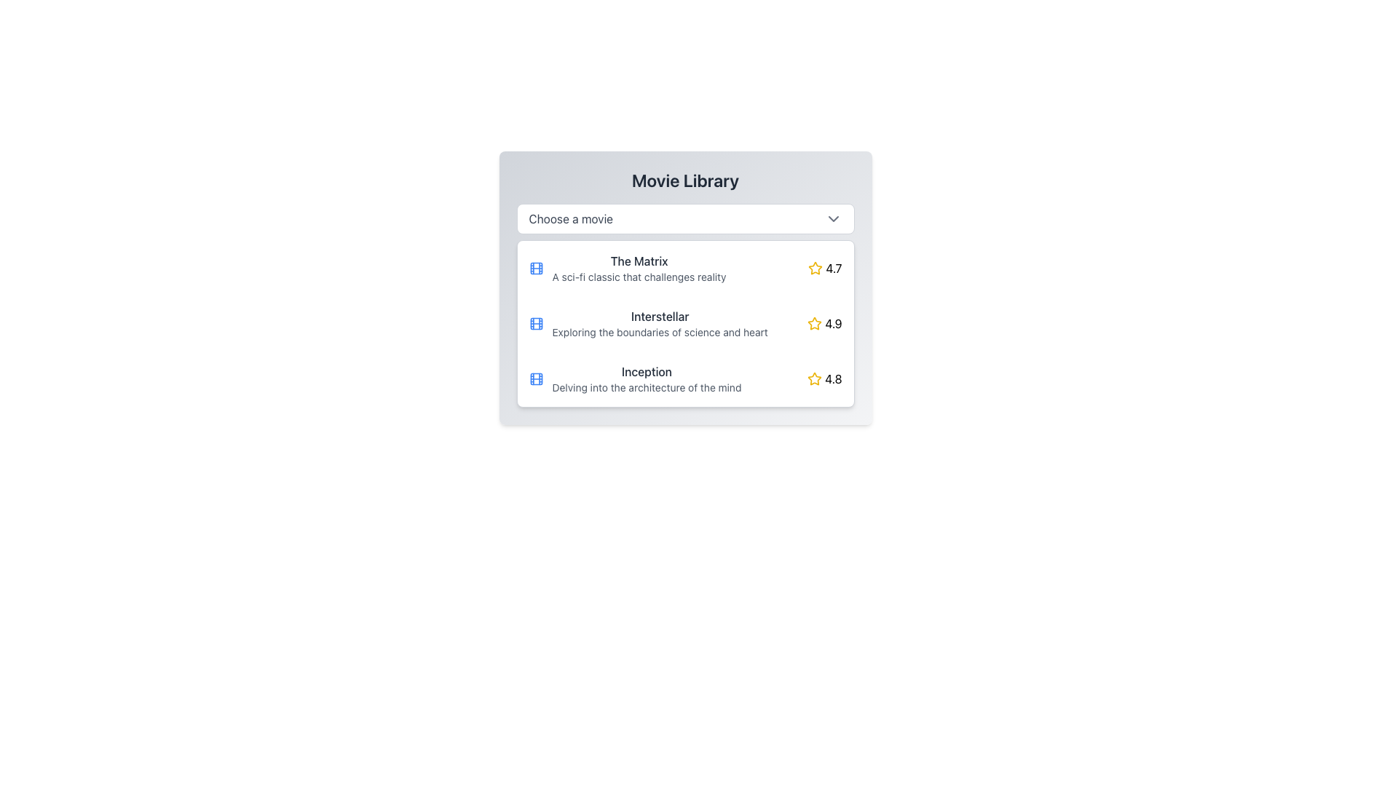 The height and width of the screenshot is (786, 1398). Describe the element at coordinates (535, 322) in the screenshot. I see `the film icon representing the movie 'Interstellar', which is positioned to the left of the text 'Interstellar Exploring the boundaries of science and heart'` at that location.